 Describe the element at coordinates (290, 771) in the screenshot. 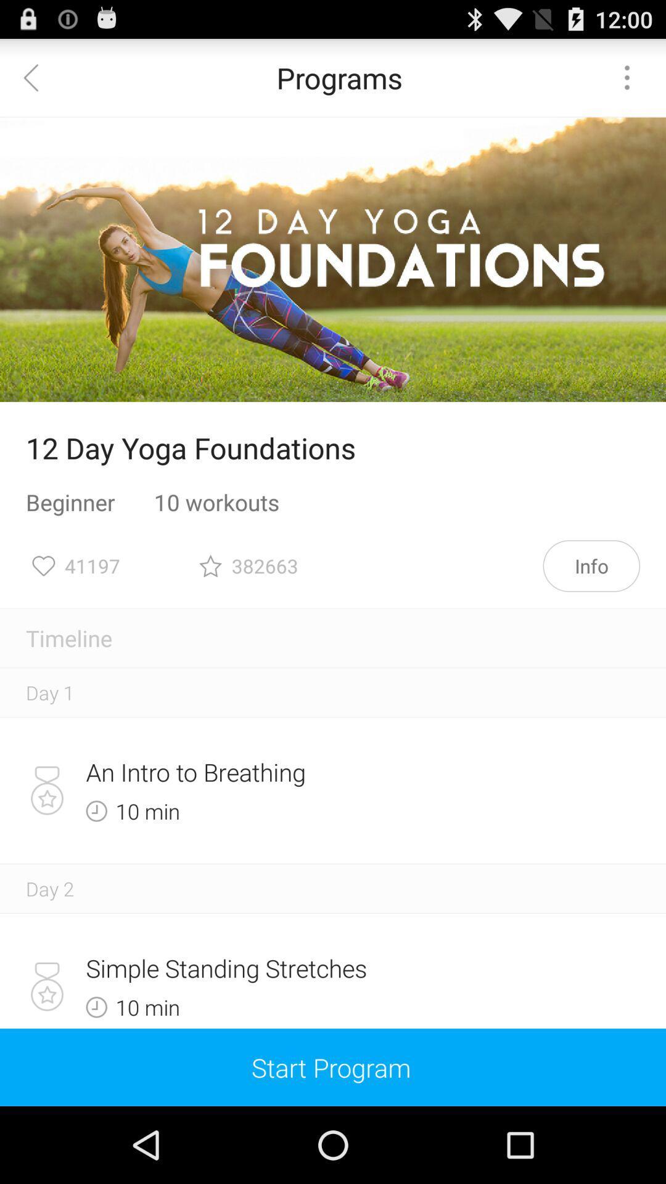

I see `item above 10 min` at that location.